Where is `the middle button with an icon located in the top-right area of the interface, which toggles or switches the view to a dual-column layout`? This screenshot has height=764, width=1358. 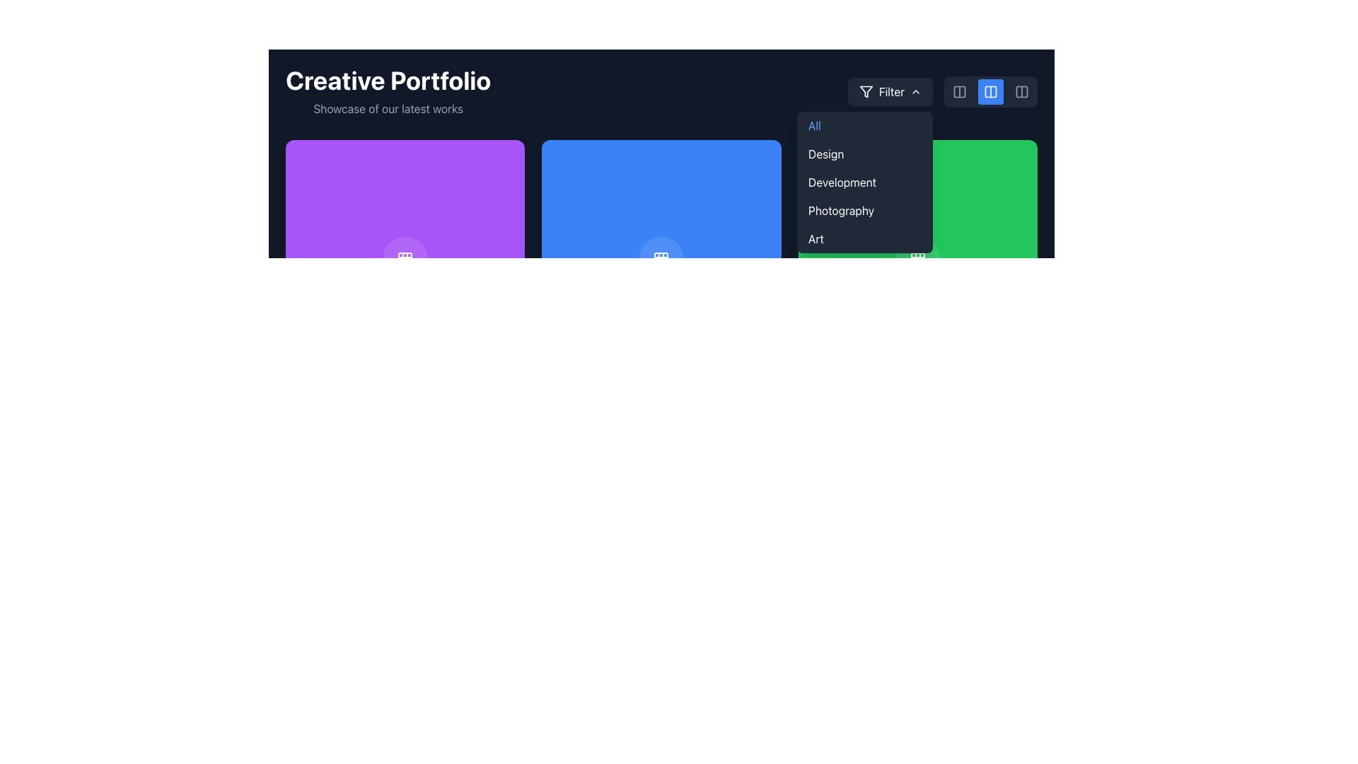
the middle button with an icon located in the top-right area of the interface, which toggles or switches the view to a dual-column layout is located at coordinates (990, 92).